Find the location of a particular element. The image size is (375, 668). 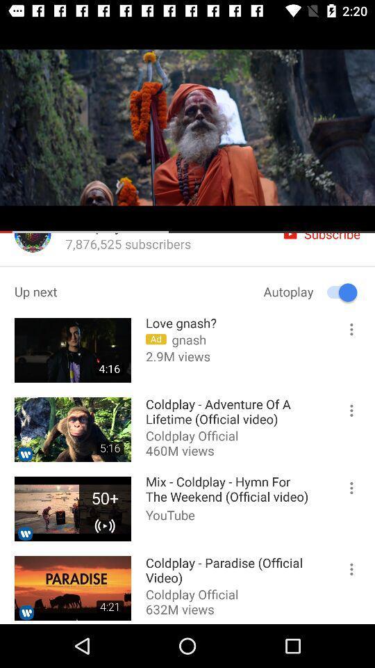

the third video from top is located at coordinates (72, 508).